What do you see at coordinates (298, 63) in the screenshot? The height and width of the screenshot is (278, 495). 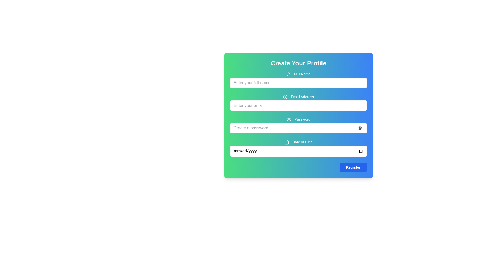 I see `the text label displaying 'Create Your Profile' which is styled in white text on a gradient background, positioned centrally at the top of the section` at bounding box center [298, 63].